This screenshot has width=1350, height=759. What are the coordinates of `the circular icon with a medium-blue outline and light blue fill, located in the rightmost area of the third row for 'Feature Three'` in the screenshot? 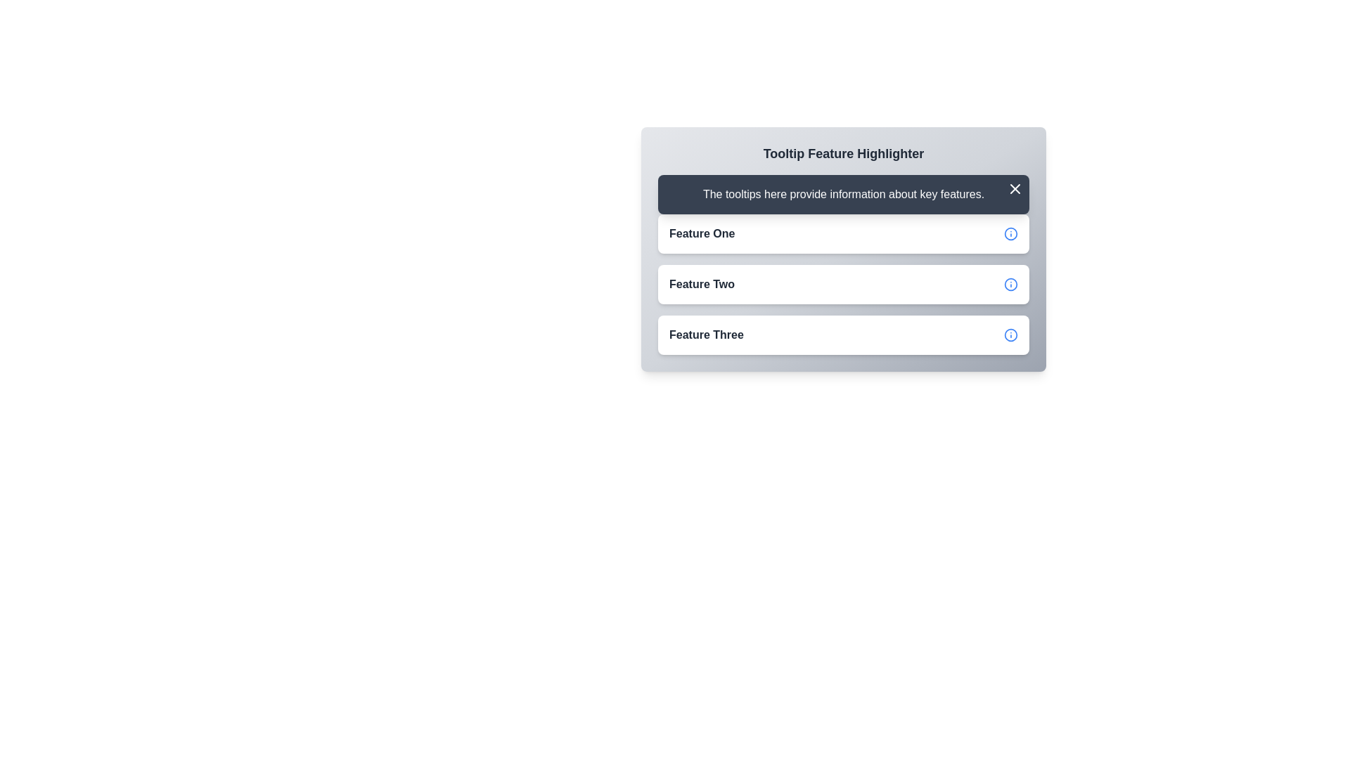 It's located at (1010, 335).